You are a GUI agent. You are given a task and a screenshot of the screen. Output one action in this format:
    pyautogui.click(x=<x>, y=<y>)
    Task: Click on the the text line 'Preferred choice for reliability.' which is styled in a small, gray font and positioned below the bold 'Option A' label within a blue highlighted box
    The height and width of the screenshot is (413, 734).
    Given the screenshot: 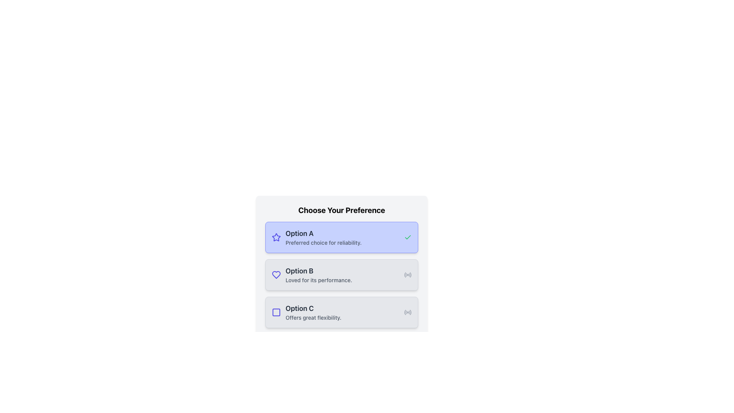 What is the action you would take?
    pyautogui.click(x=342, y=243)
    